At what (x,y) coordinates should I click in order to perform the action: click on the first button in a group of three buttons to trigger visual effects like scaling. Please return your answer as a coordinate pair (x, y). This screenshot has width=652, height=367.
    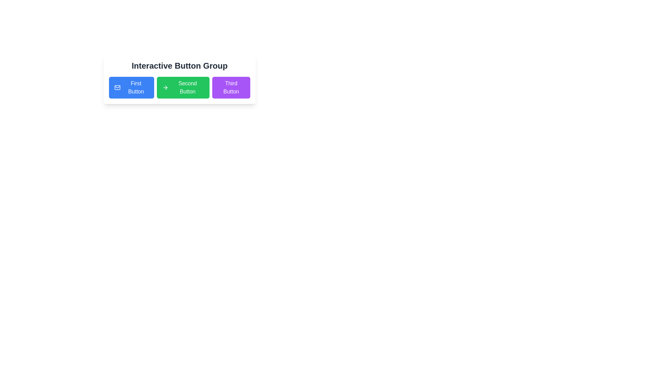
    Looking at the image, I should click on (131, 87).